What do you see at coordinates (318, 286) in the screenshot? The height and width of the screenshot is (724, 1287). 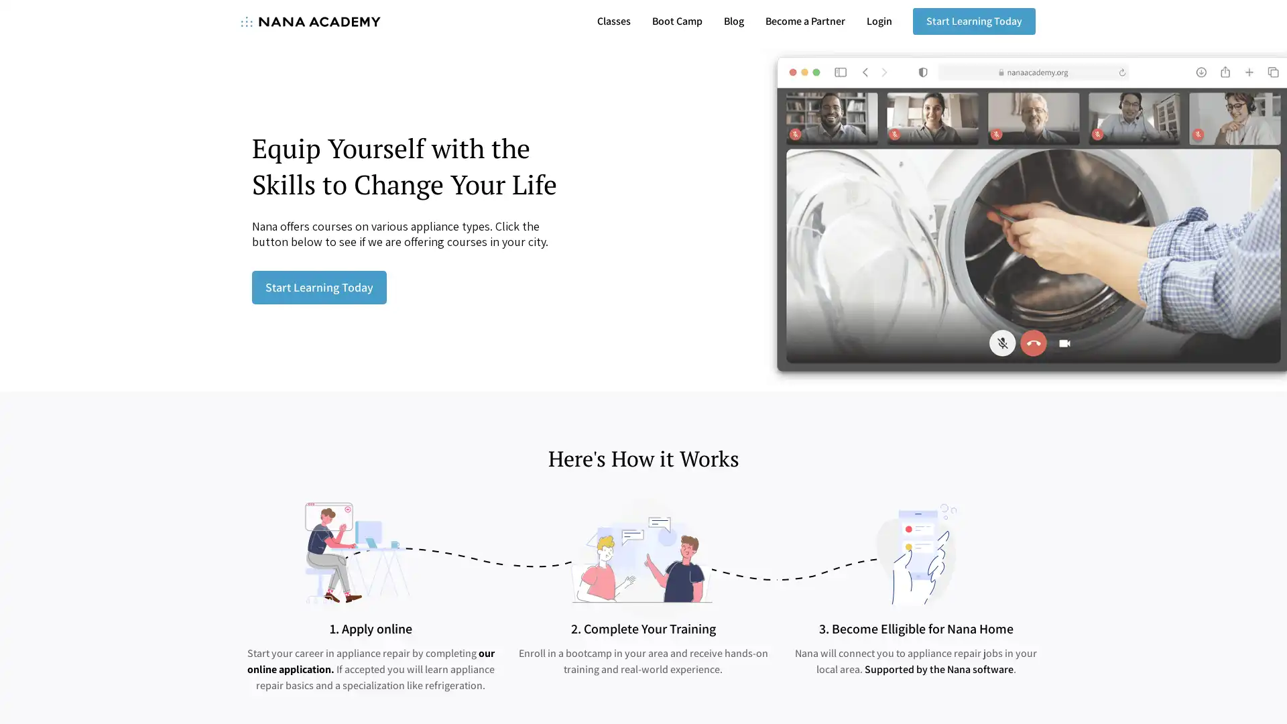 I see `Start Learning Today` at bounding box center [318, 286].